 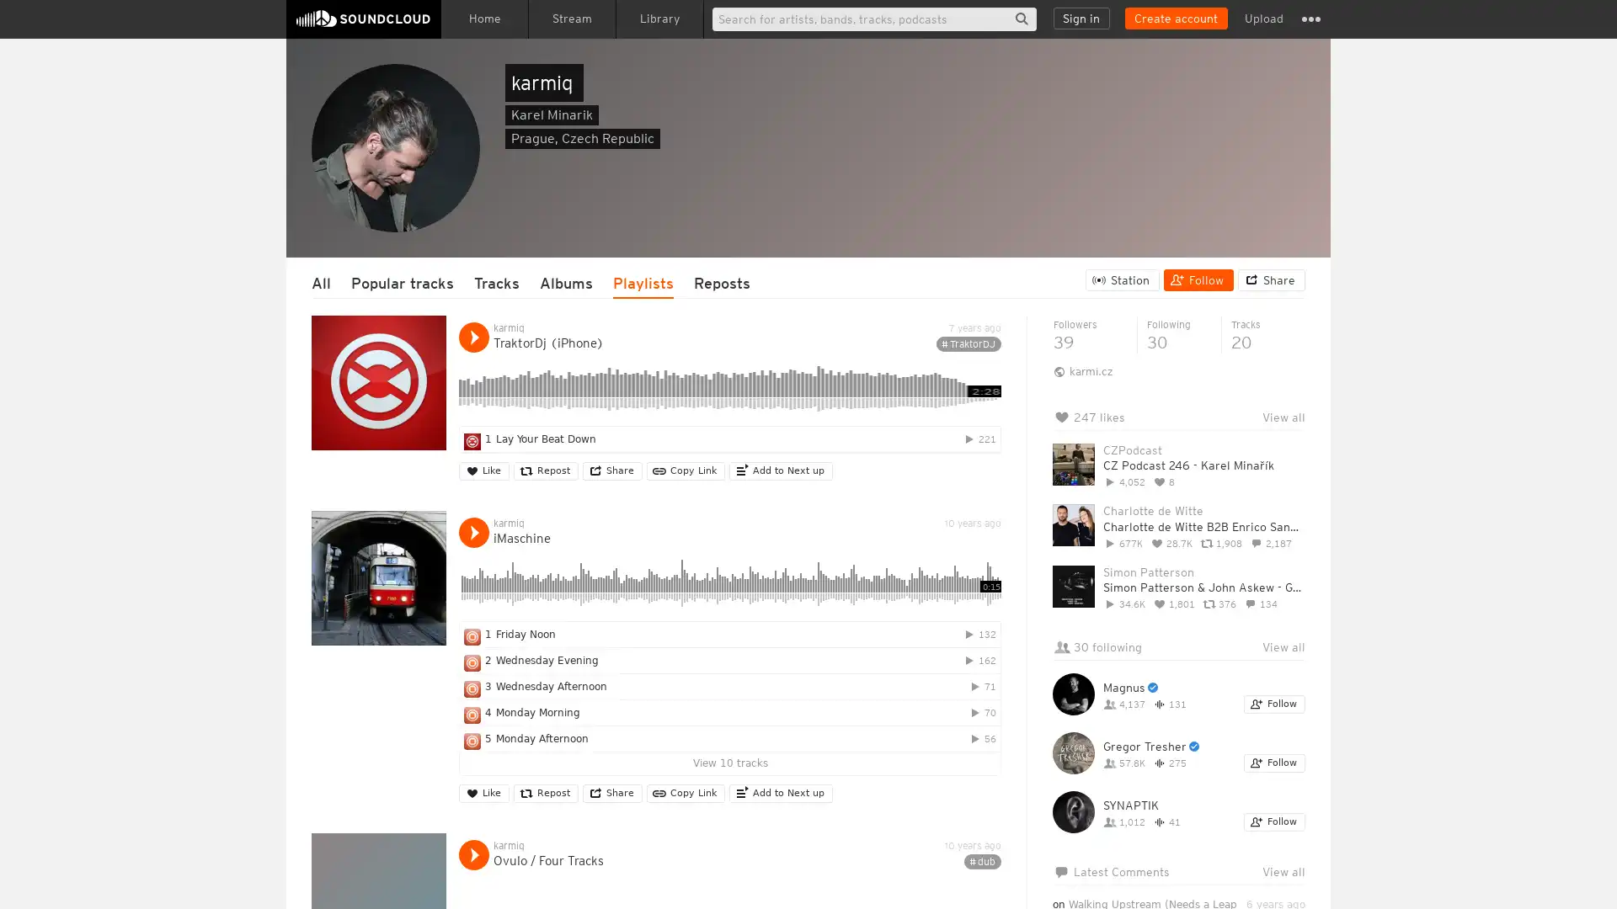 I want to click on Clear, so click(x=1248, y=460).